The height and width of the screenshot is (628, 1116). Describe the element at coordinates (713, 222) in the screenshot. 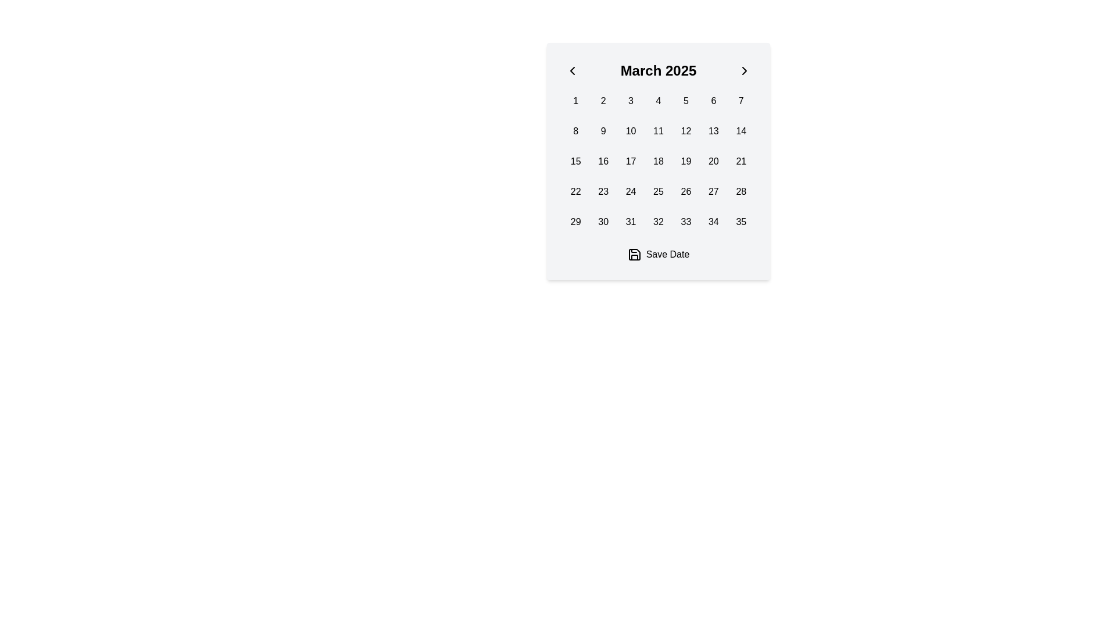

I see `the rectangular button displaying the number '34' in bold, located in the sixth column of the sixth row in the calendar grid` at that location.